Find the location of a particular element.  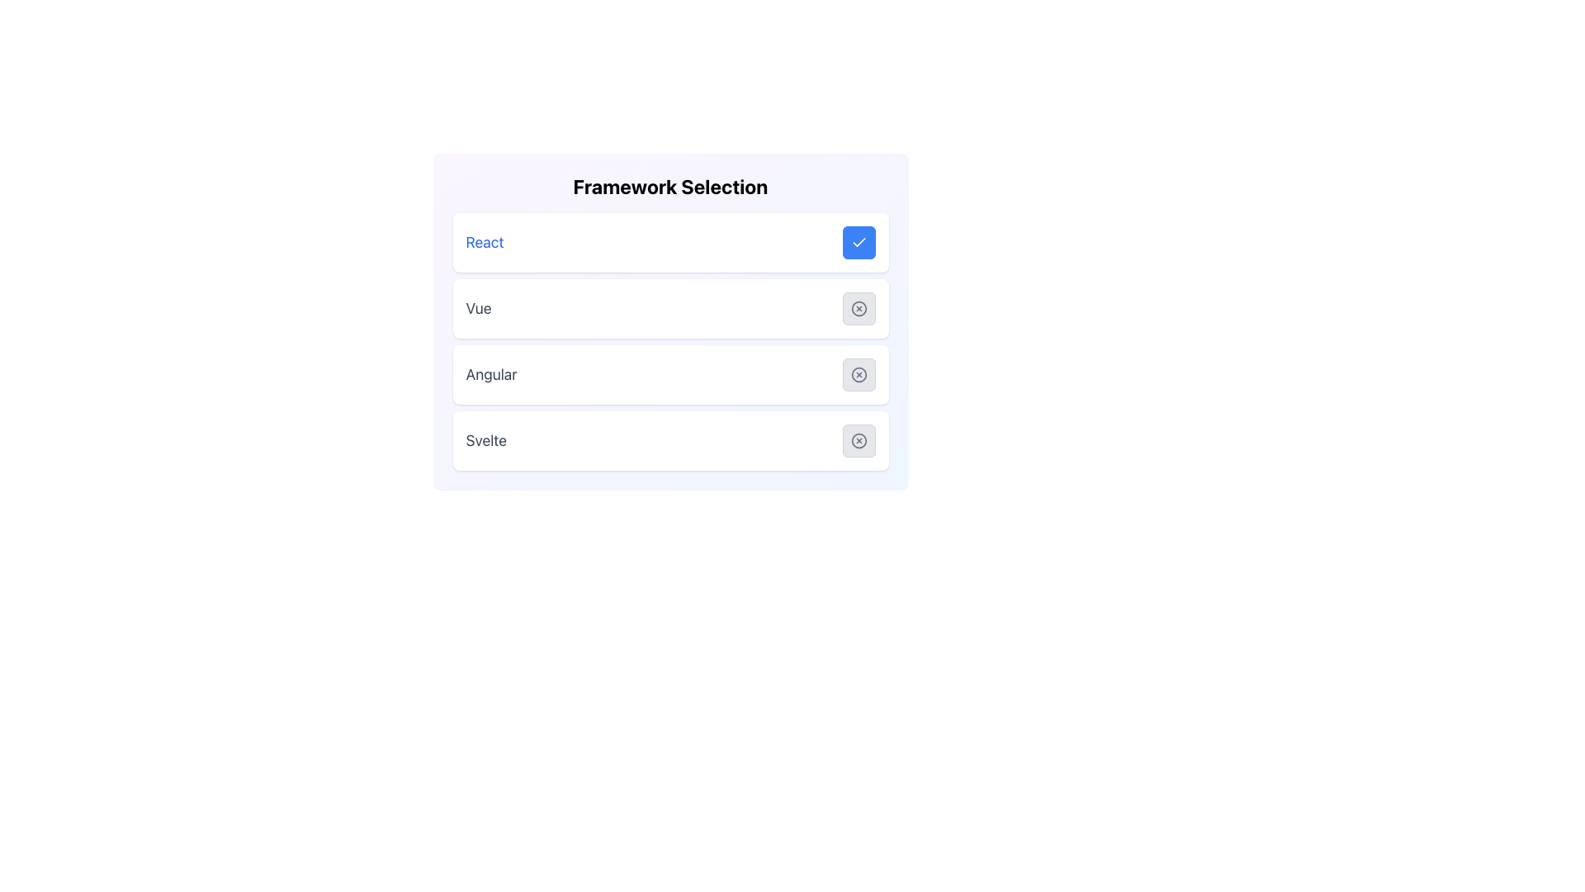

the blue square button with rounded corners and a white checkmark icon is located at coordinates (859, 242).